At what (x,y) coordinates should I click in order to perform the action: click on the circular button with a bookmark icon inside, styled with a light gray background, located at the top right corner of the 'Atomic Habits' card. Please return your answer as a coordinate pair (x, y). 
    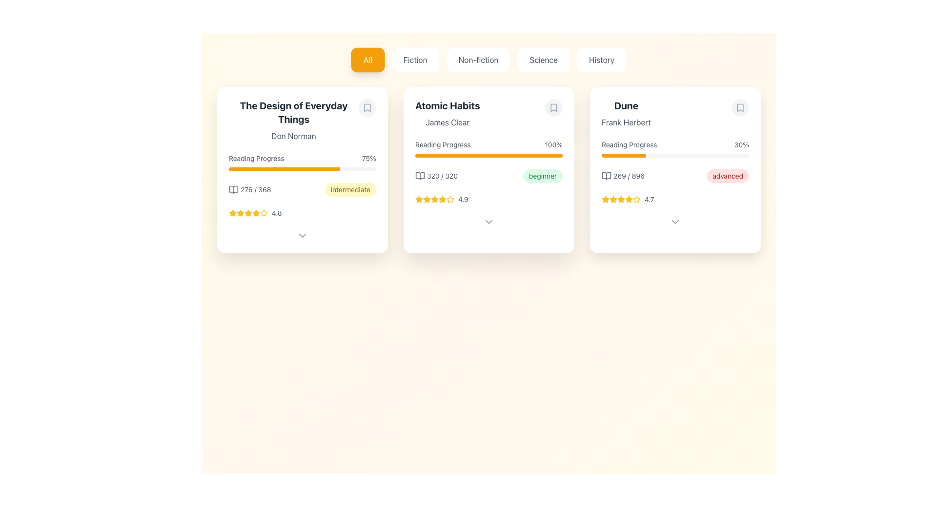
    Looking at the image, I should click on (553, 107).